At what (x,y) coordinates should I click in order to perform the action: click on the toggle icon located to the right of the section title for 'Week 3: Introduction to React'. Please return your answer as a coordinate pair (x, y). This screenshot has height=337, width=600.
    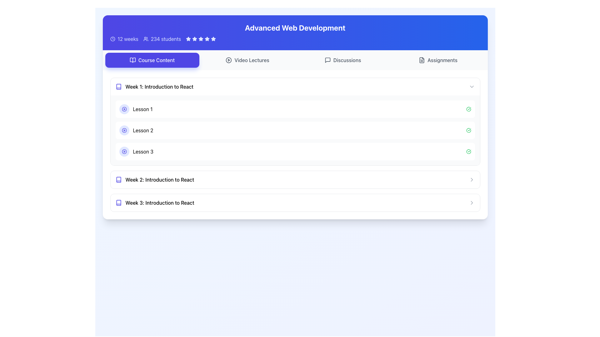
    Looking at the image, I should click on (472, 179).